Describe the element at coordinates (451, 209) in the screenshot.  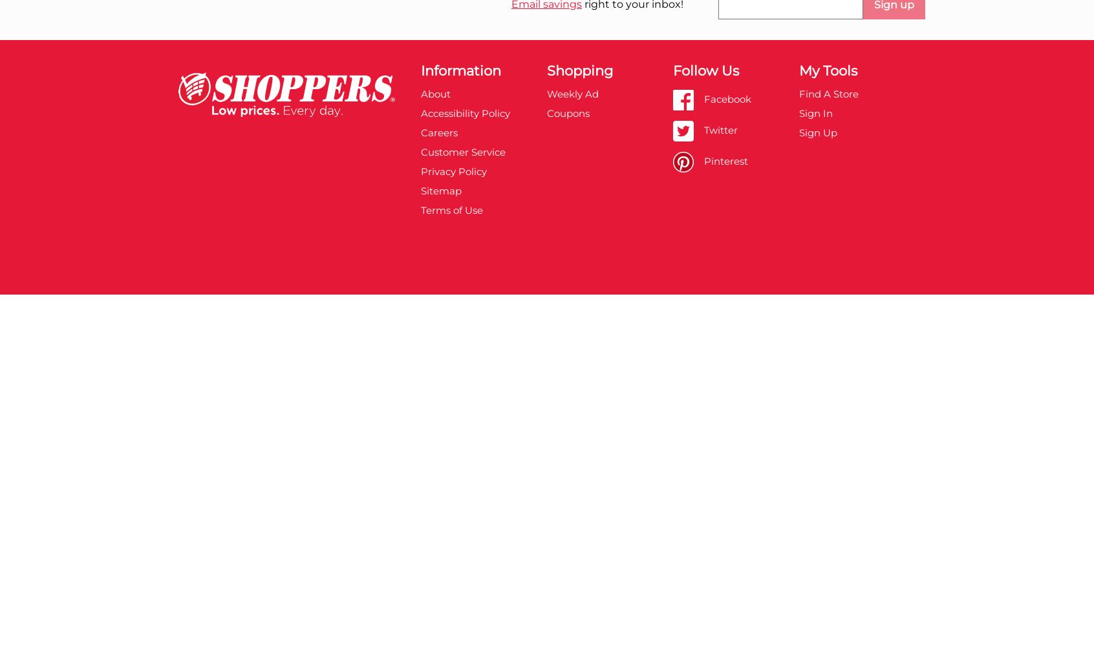
I see `'Terms of Use'` at that location.